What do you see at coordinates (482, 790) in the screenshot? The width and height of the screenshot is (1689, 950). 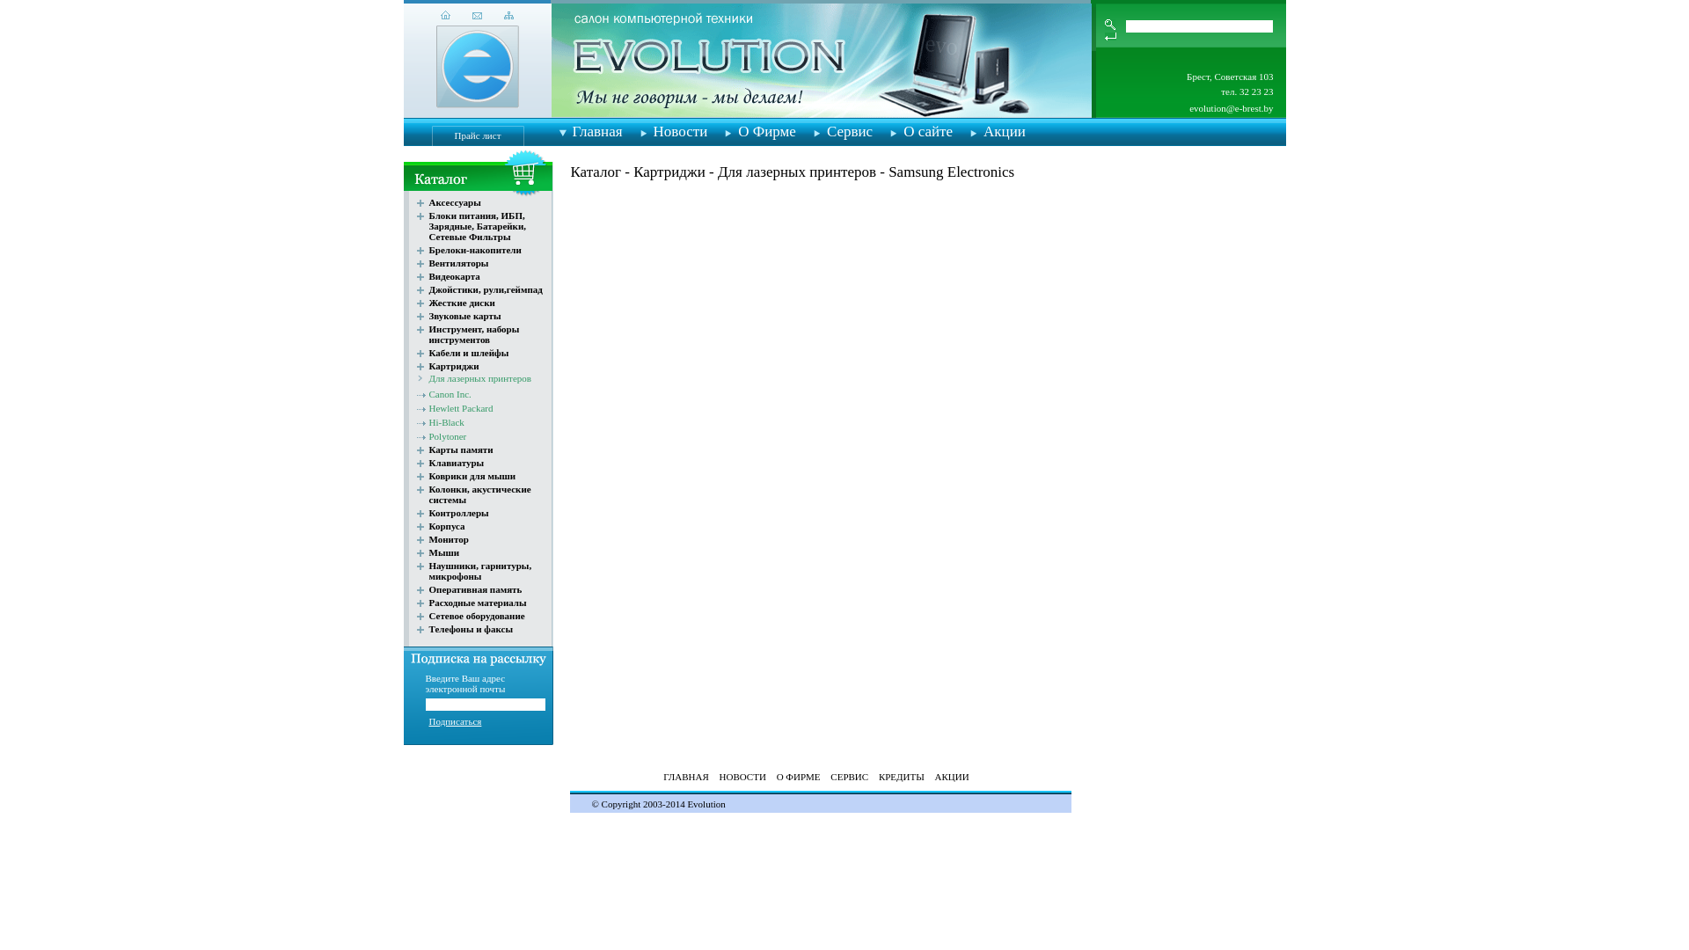 I see `'LiveInternet'` at bounding box center [482, 790].